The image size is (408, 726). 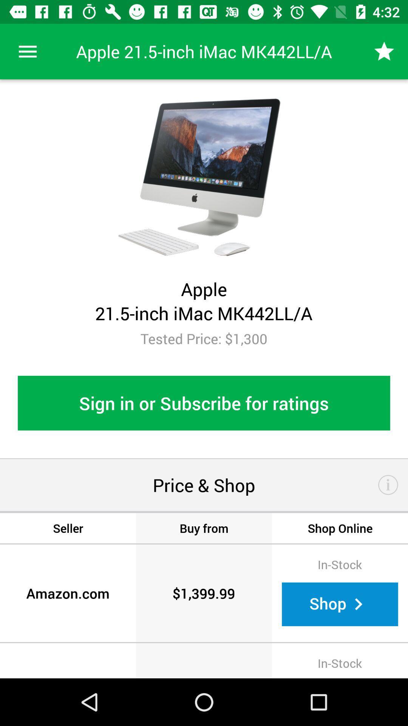 What do you see at coordinates (27, 51) in the screenshot?
I see `icon above tested price 1 item` at bounding box center [27, 51].